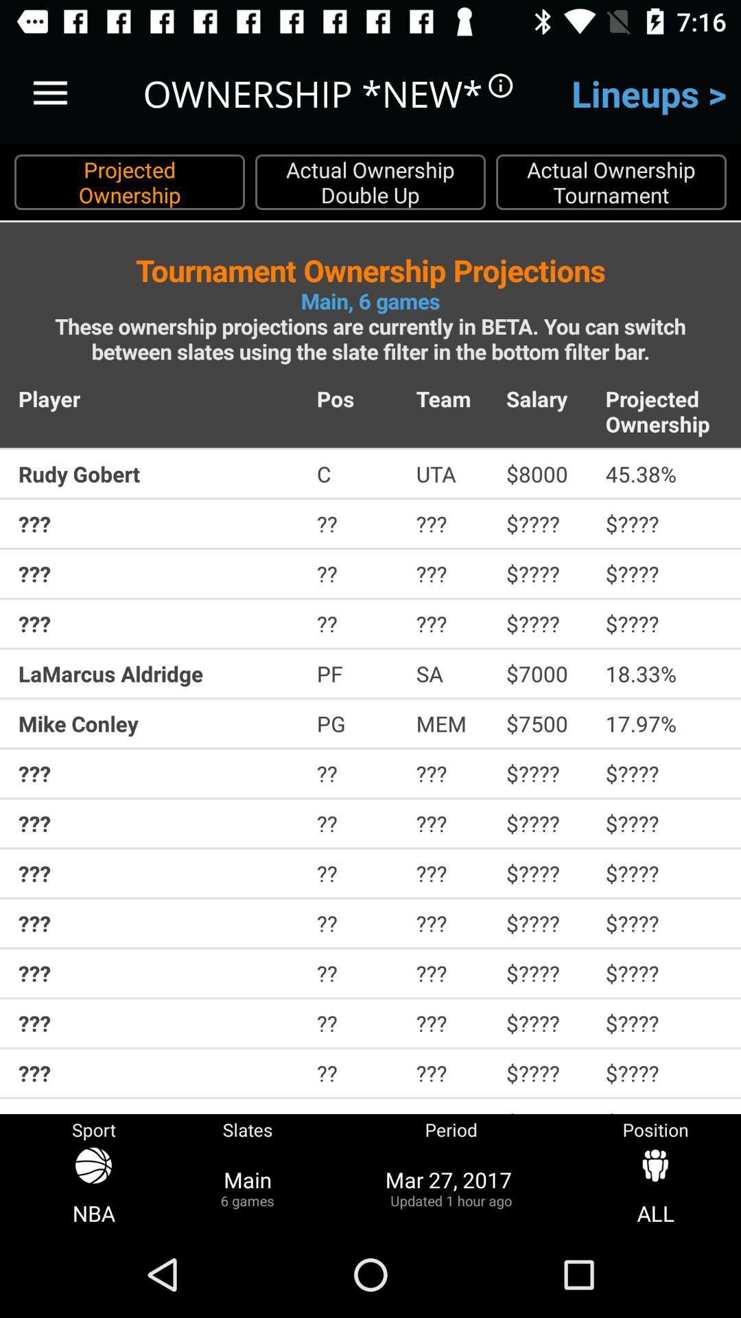  I want to click on the icon to the right of the lamarcus aldridge icon, so click(356, 673).